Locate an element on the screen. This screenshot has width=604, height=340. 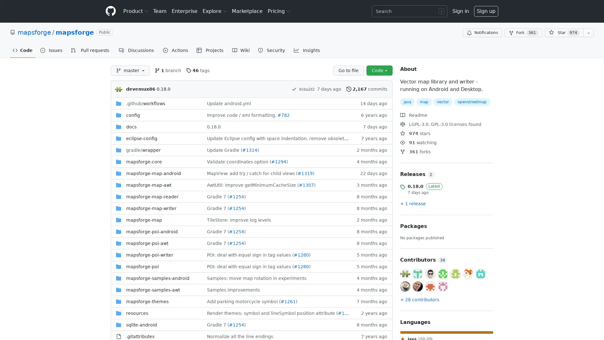
LGPL-3.0, GPL-3.0 licenses found is located at coordinates (440, 124).